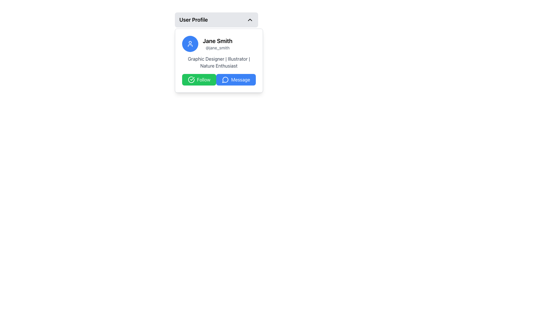 This screenshot has height=312, width=555. Describe the element at coordinates (219, 43) in the screenshot. I see `the user profile text display for 'Jane Smith' and '@jane_smith' to potentially trigger user-related actions or navigation` at that location.